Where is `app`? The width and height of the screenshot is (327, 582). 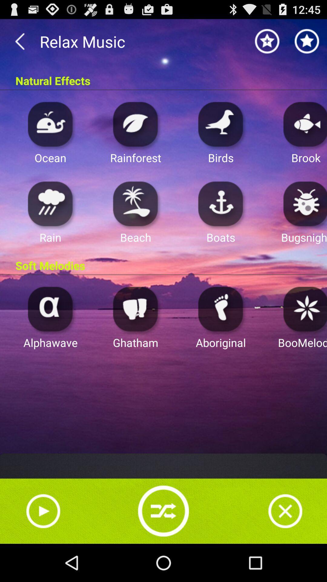
app is located at coordinates (303, 309).